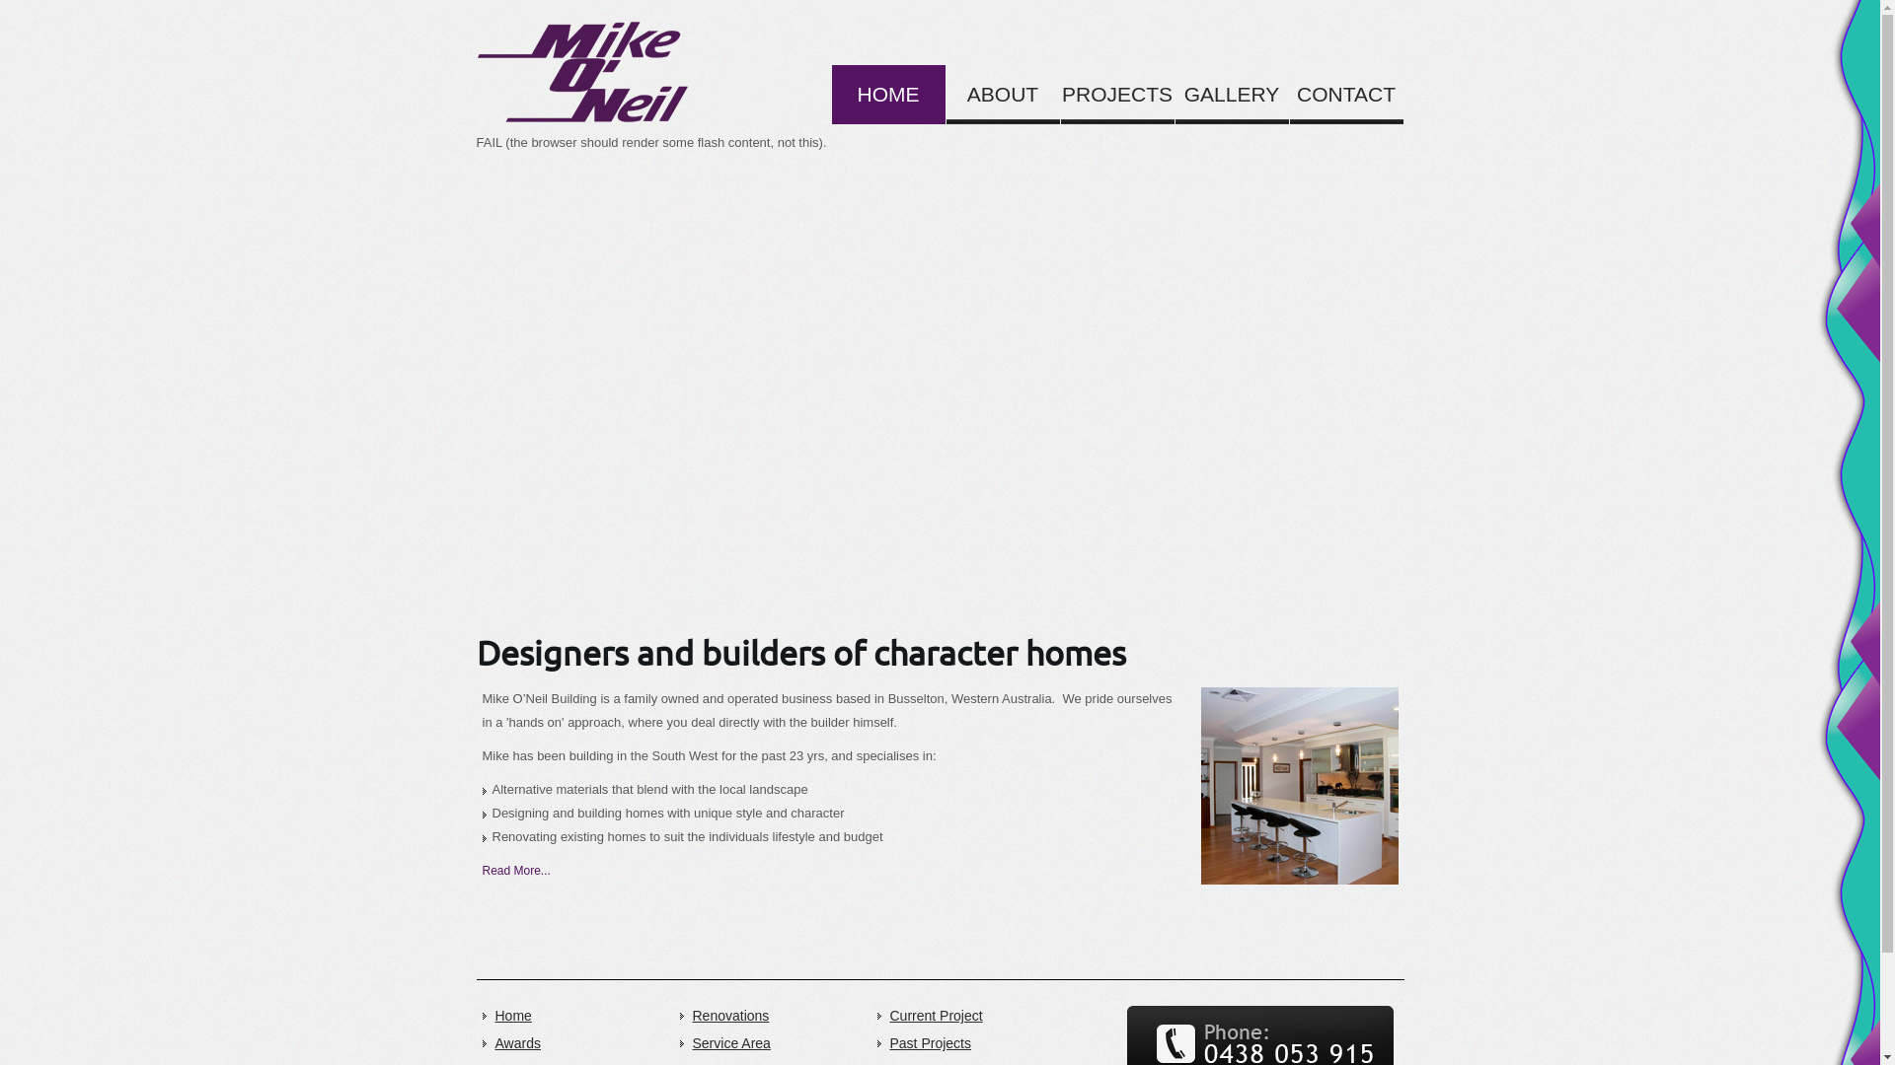  I want to click on 'Service Area', so click(771, 1041).